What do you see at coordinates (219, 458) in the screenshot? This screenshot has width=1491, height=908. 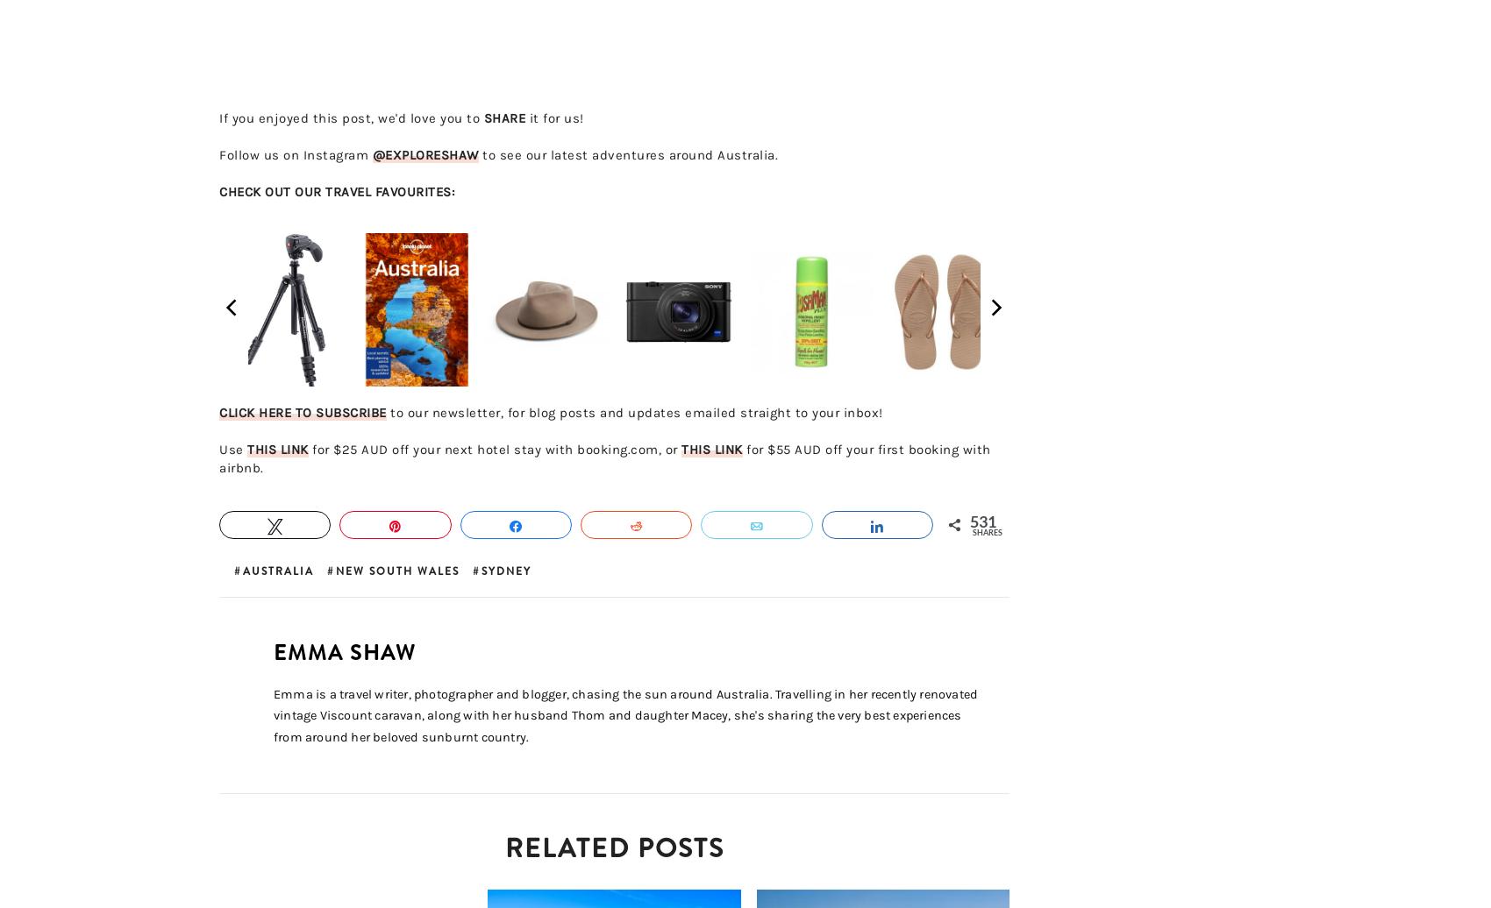 I see `'for $55 AUD off your first booking with airbnb.'` at bounding box center [219, 458].